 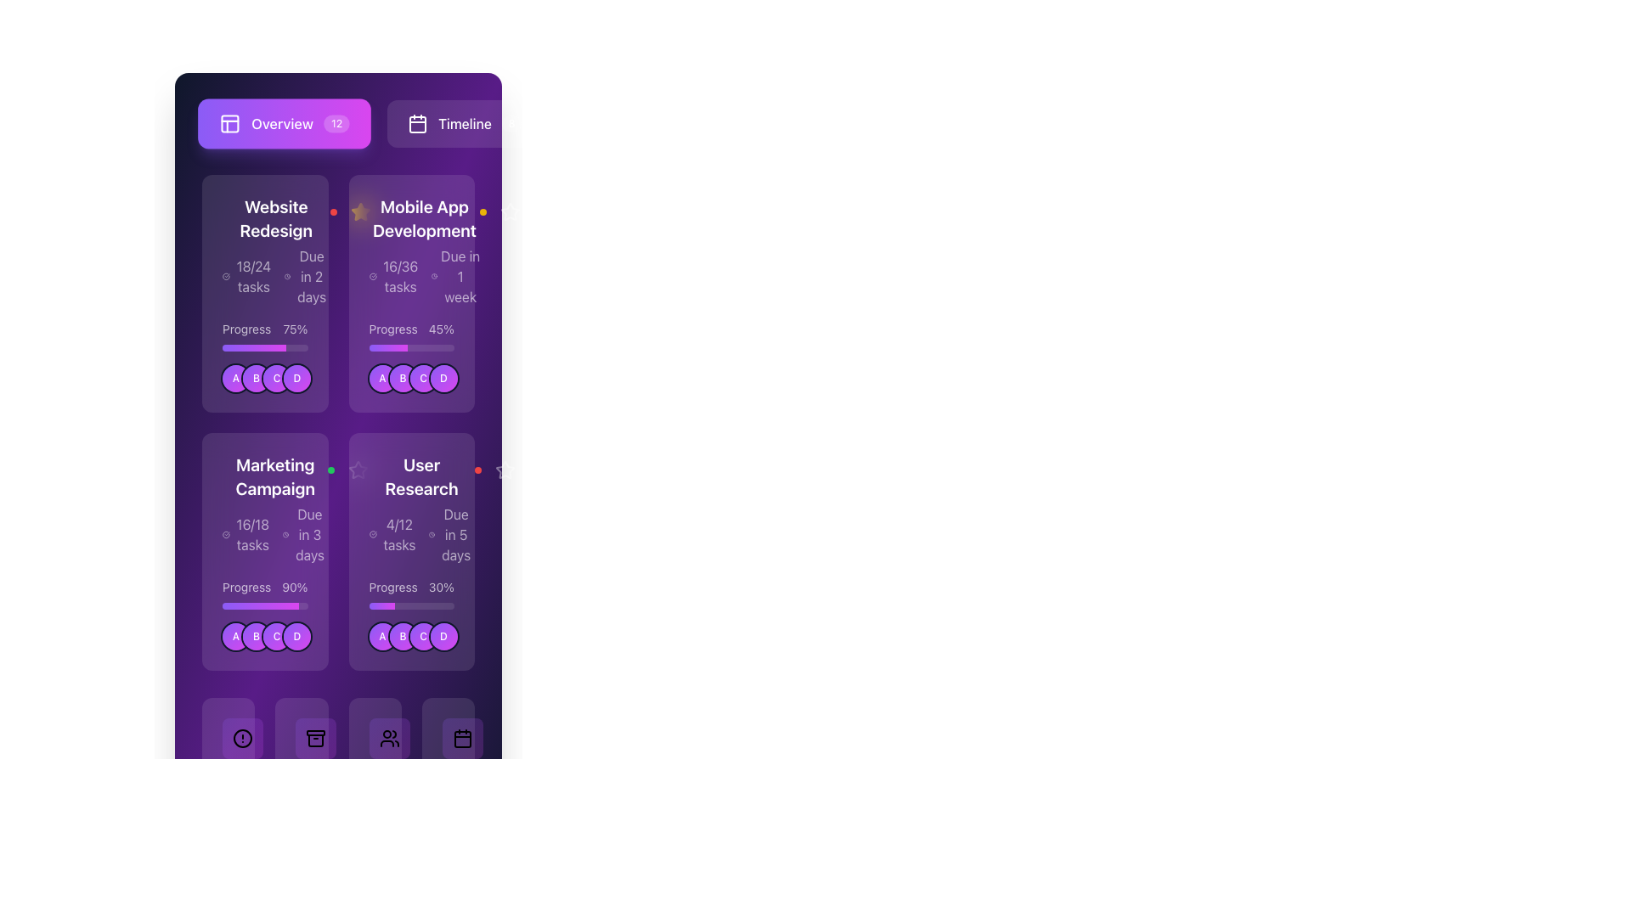 I want to click on circular avatar labeled 'D' with a gradient background transitioning from violet to fuchsia, located at the bottom section of the 'User Research' panel, so click(x=443, y=636).